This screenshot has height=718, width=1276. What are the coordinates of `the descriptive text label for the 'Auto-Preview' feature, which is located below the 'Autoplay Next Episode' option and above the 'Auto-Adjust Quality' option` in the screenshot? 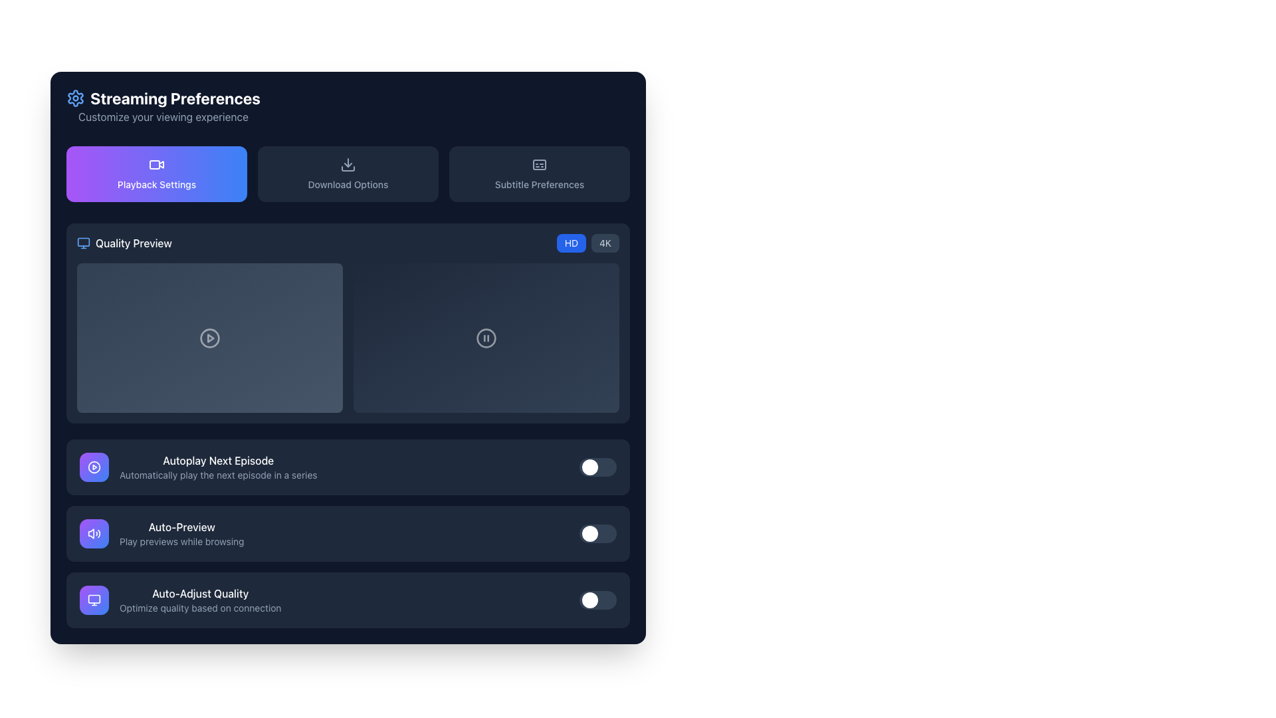 It's located at (181, 541).